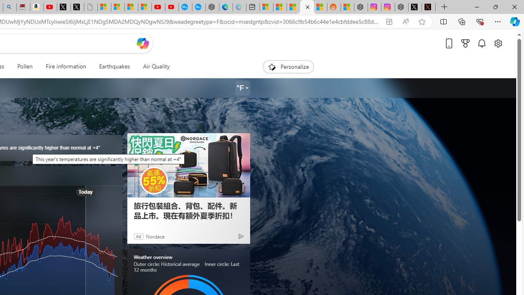 The image size is (524, 295). What do you see at coordinates (477, 7) in the screenshot?
I see `'Minimize'` at bounding box center [477, 7].